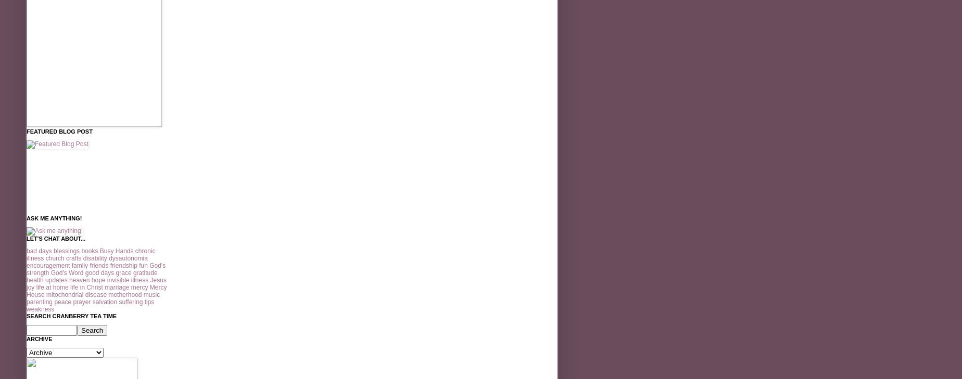  I want to click on 'suffering', so click(130, 302).